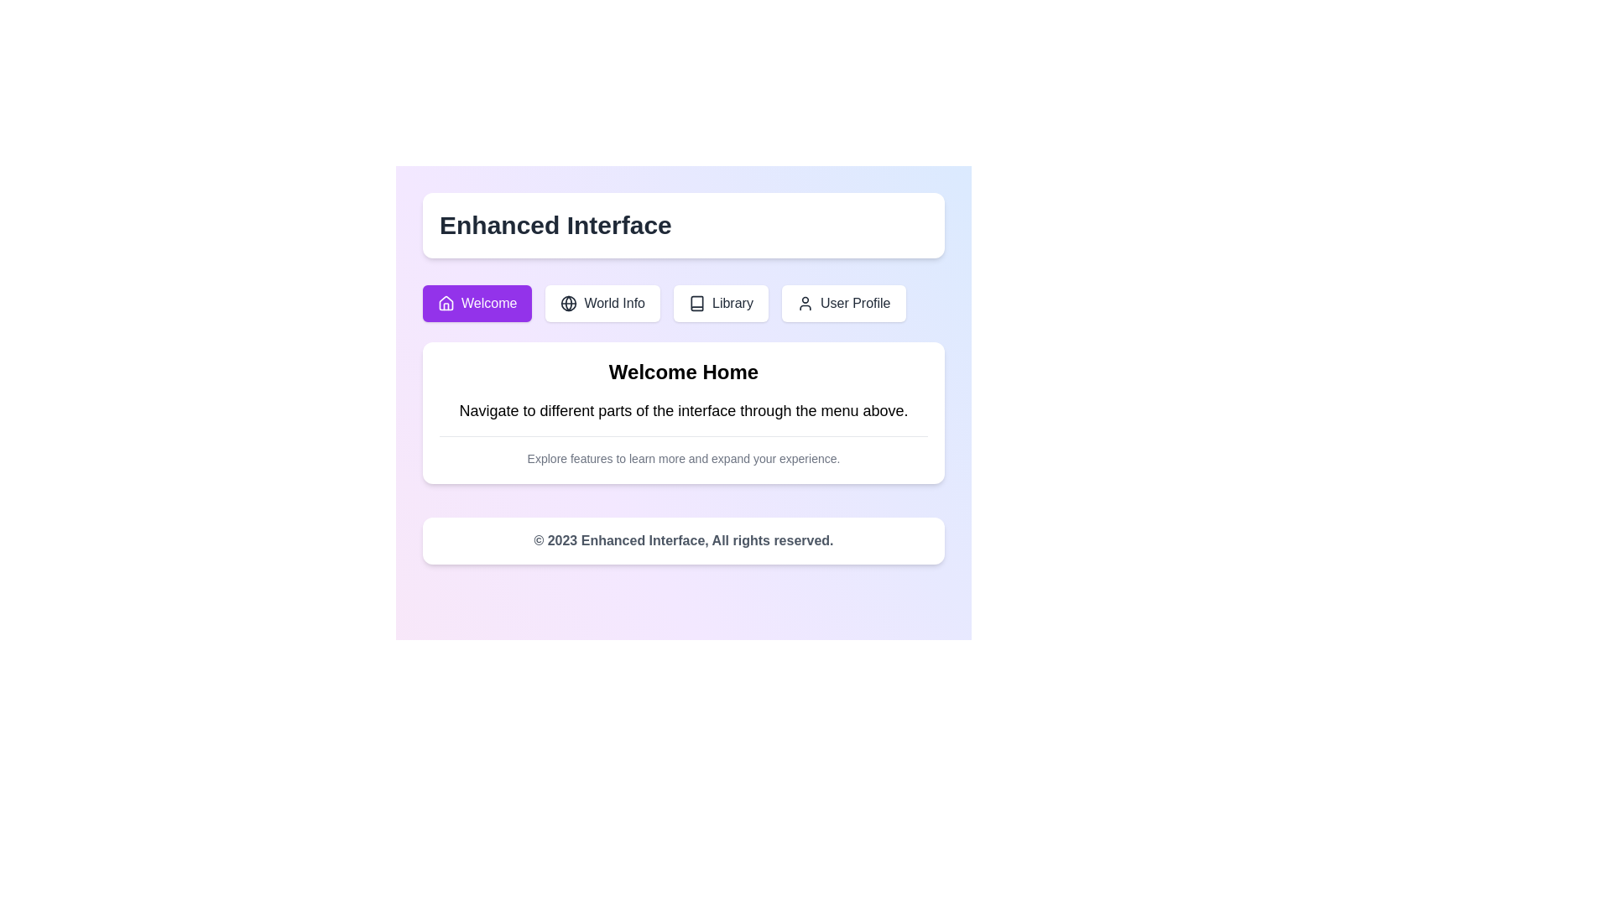 This screenshot has height=906, width=1611. Describe the element at coordinates (477, 303) in the screenshot. I see `the 'Welcome' navigation button located in the upper left portion of the interface using keyboard navigation` at that location.